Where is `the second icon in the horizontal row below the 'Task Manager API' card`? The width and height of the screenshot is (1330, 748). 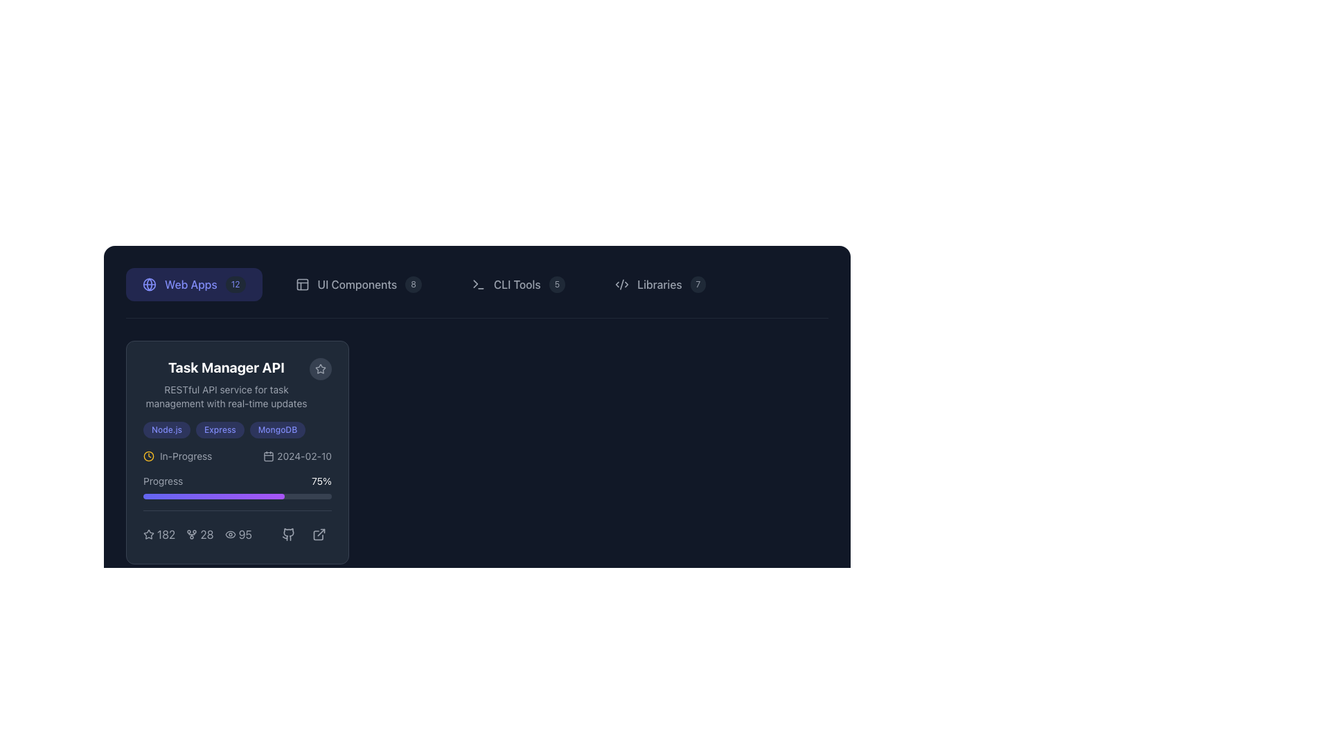
the second icon in the horizontal row below the 'Task Manager API' card is located at coordinates (288, 533).